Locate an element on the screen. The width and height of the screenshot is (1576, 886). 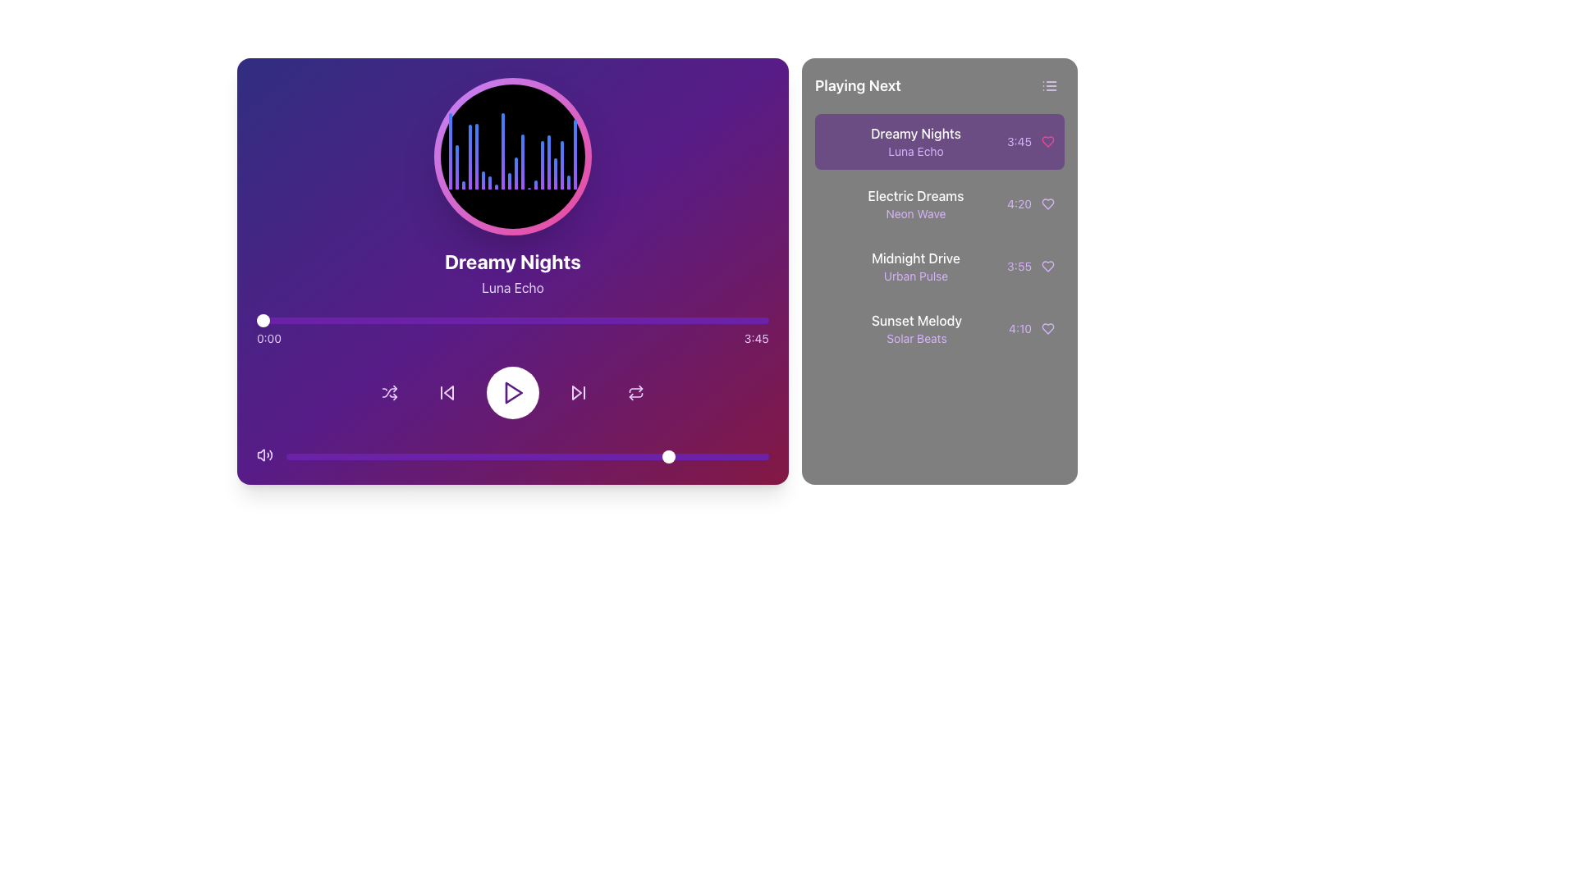
the 17th vertical visual bar in the chart, which has a gradient color from purple at the base to blue at the top is located at coordinates (548, 162).